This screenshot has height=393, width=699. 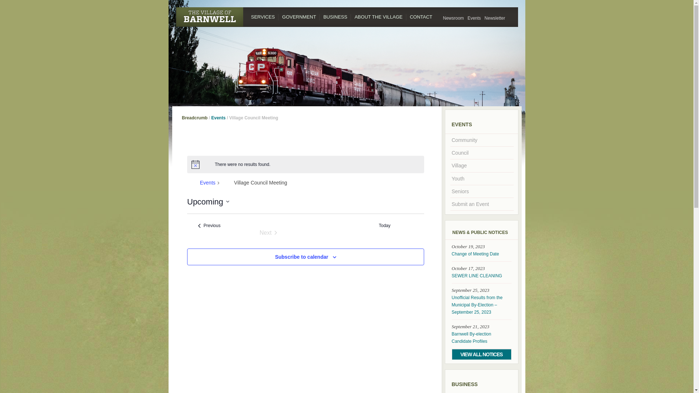 I want to click on 'Submit an Event', so click(x=481, y=204).